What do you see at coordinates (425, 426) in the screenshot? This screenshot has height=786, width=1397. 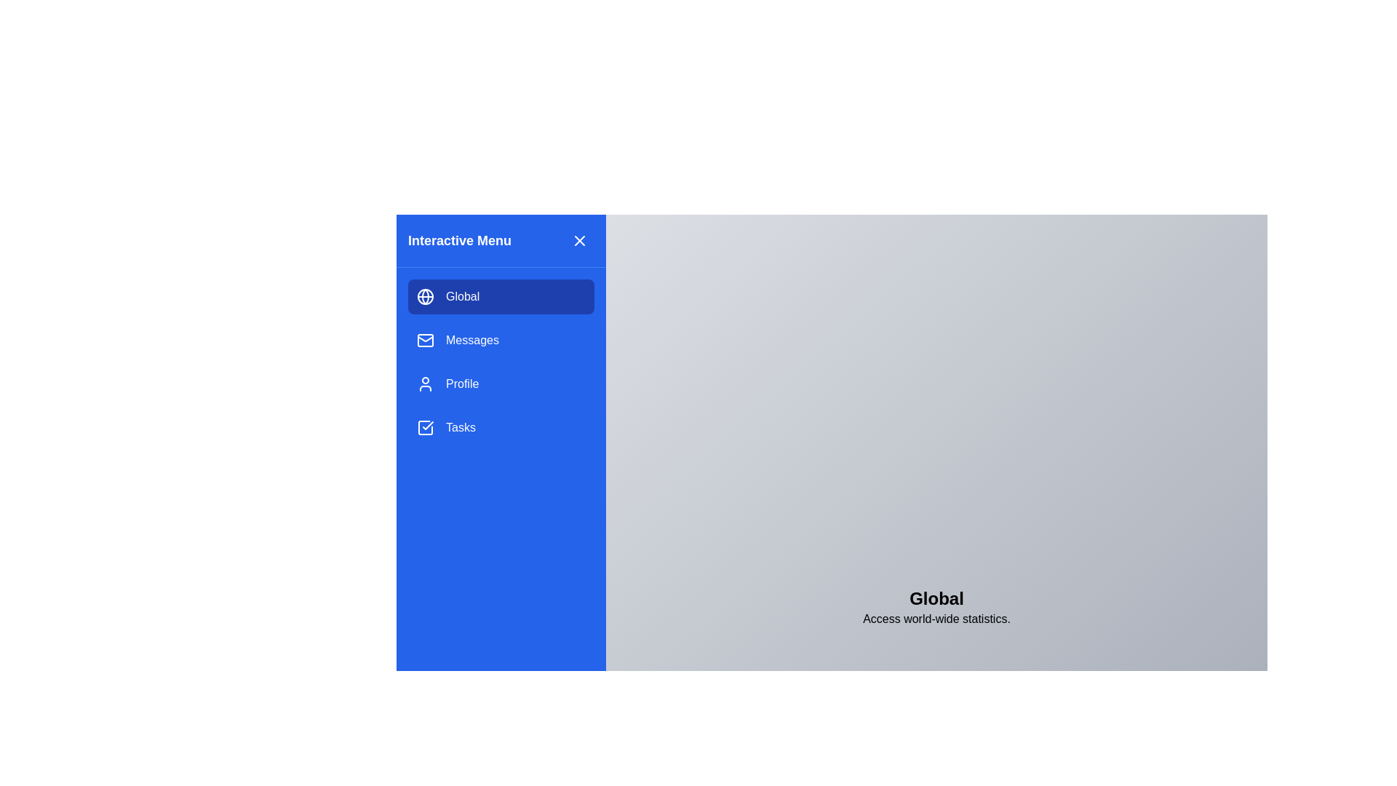 I see `the task icon, which is a square outline with a checkmark inside, located` at bounding box center [425, 426].